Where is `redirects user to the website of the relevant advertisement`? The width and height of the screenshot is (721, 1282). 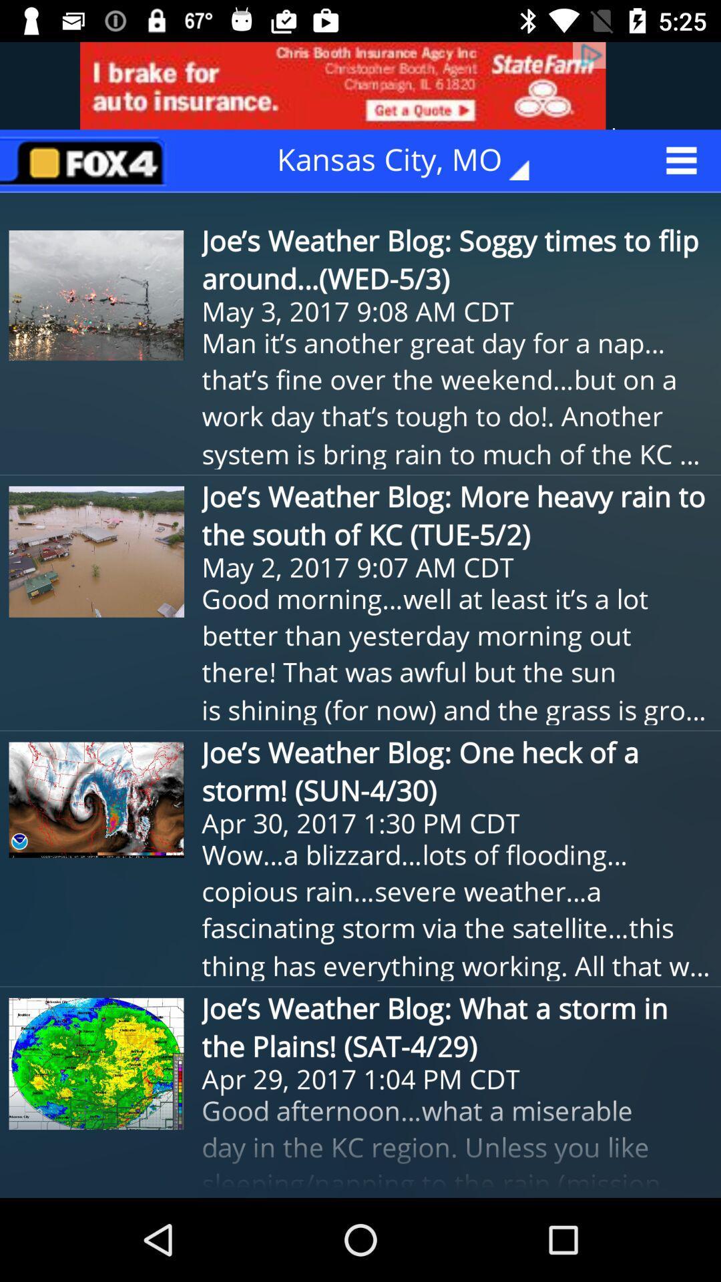
redirects user to the website of the relevant advertisement is located at coordinates (360, 85).